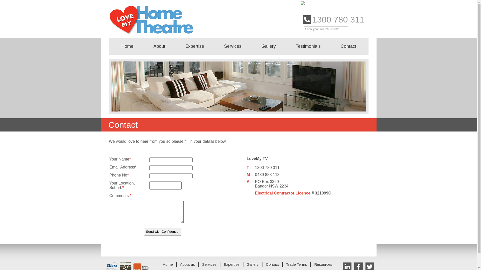 This screenshot has width=481, height=270. What do you see at coordinates (111, 46) in the screenshot?
I see `'Home'` at bounding box center [111, 46].